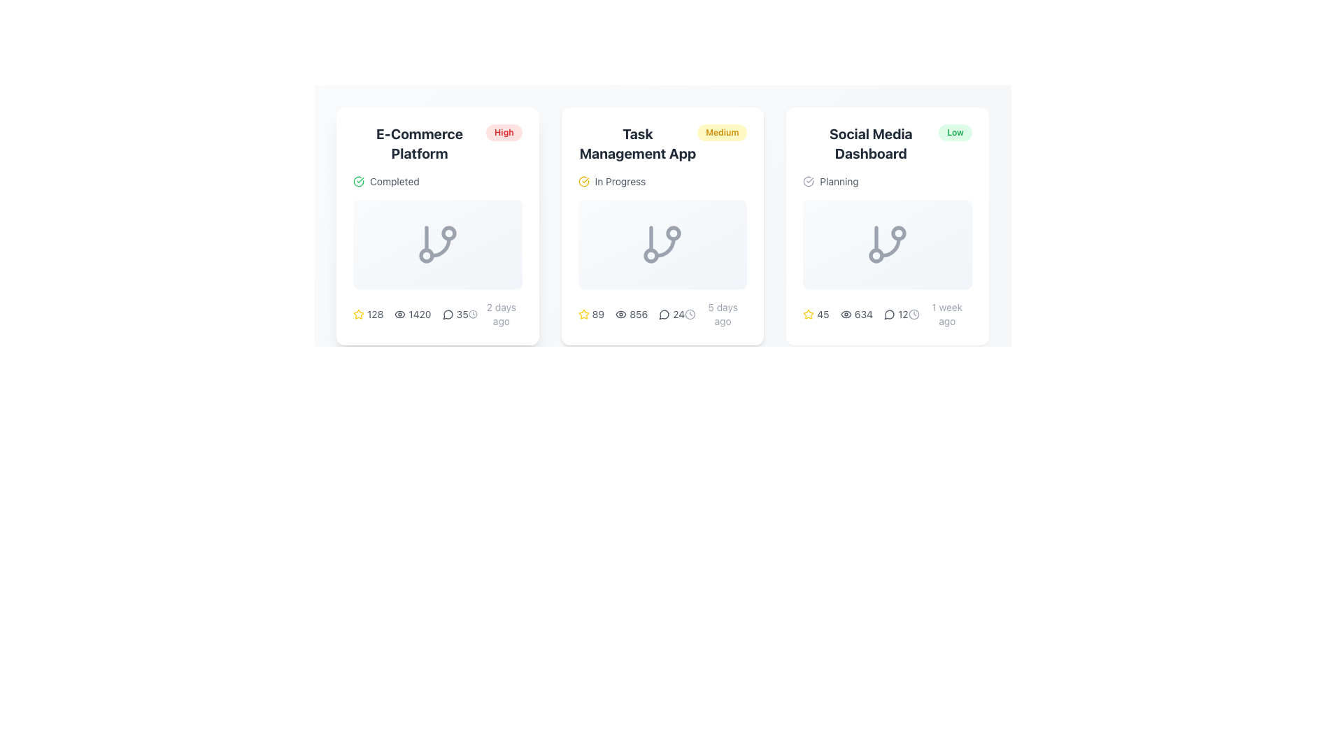 The width and height of the screenshot is (1343, 755). Describe the element at coordinates (716, 315) in the screenshot. I see `the Timestamp indicator with an icon that indicates '5 days ago', located at the bottom of the second card in the Task Management App` at that location.